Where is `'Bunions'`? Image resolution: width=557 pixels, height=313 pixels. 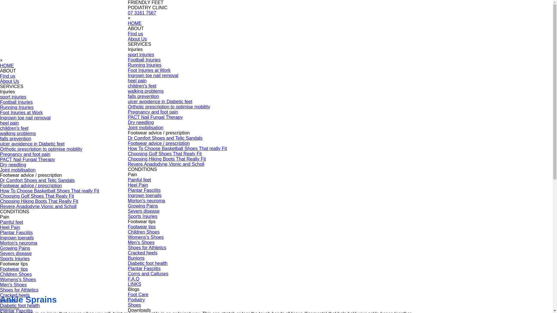 'Bunions' is located at coordinates (136, 258).